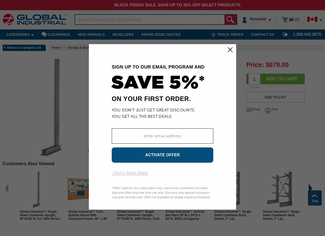 This screenshot has width=325, height=236. I want to click on 'Global Industrial™ Cork Bulletin Board With Aluminum Frame, 96" x 48"', so click(88, 215).